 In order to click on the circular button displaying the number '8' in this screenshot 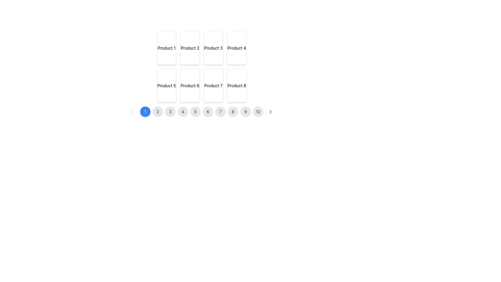, I will do `click(232, 111)`.